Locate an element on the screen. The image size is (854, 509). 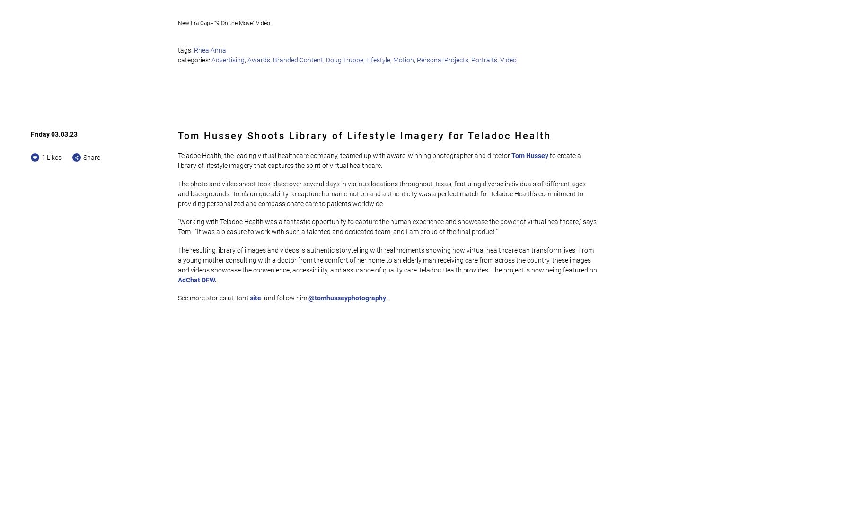
'to create a library of lifestyle imagery that captures the spirit of virtual healthcare.' is located at coordinates (380, 160).